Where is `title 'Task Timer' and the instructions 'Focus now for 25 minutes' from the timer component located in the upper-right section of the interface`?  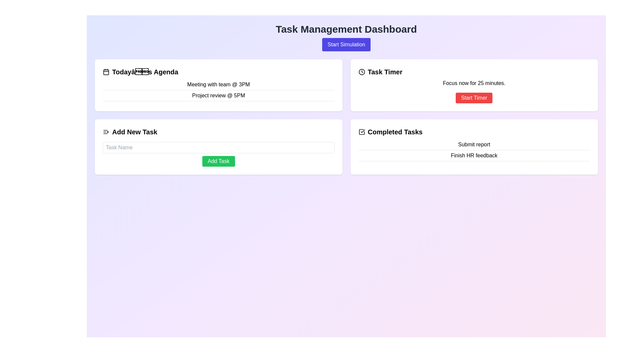
title 'Task Timer' and the instructions 'Focus now for 25 minutes' from the timer component located in the upper-right section of the interface is located at coordinates (474, 85).